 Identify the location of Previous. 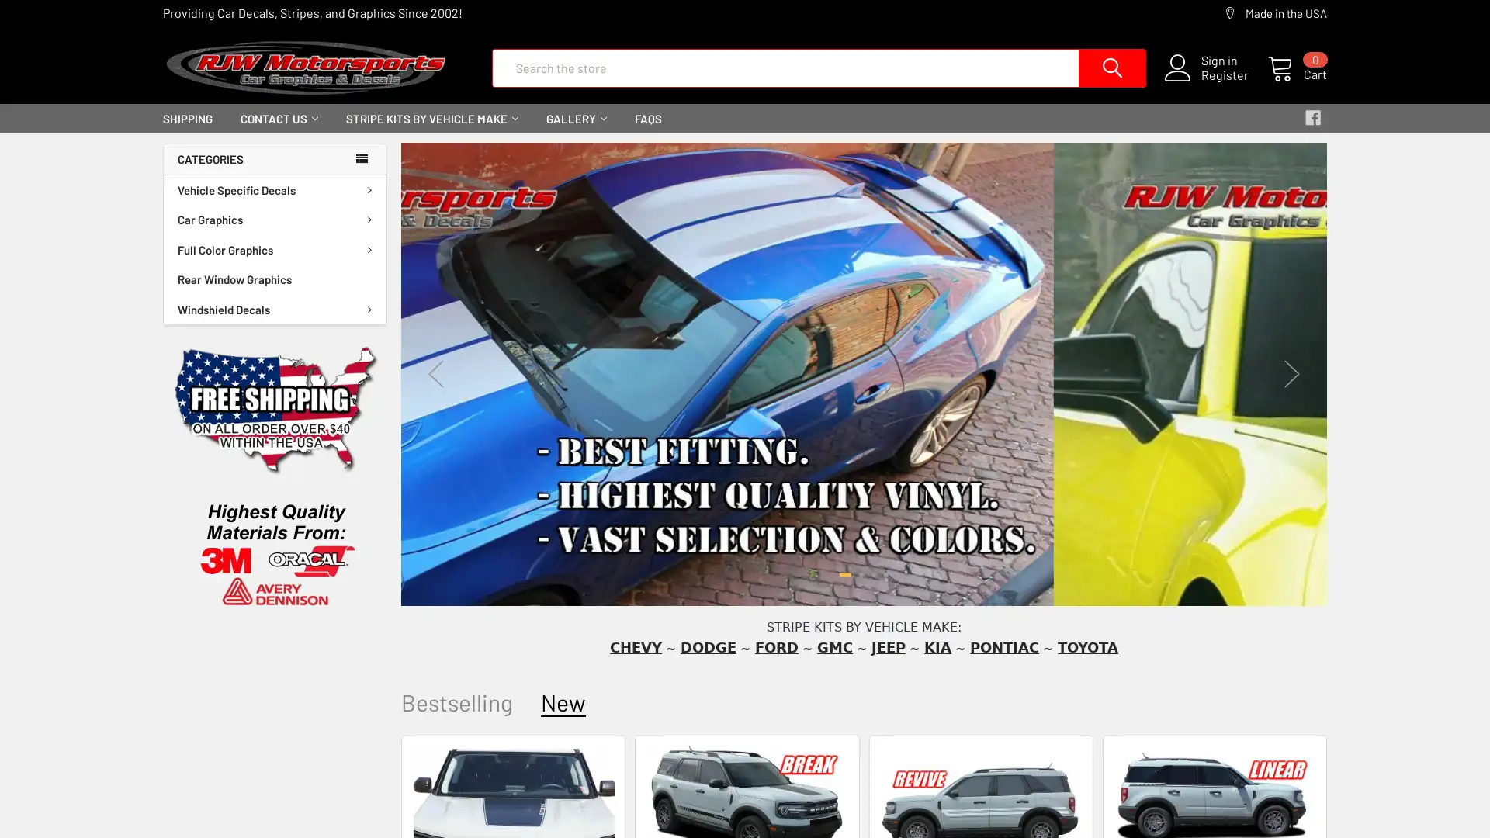
(435, 373).